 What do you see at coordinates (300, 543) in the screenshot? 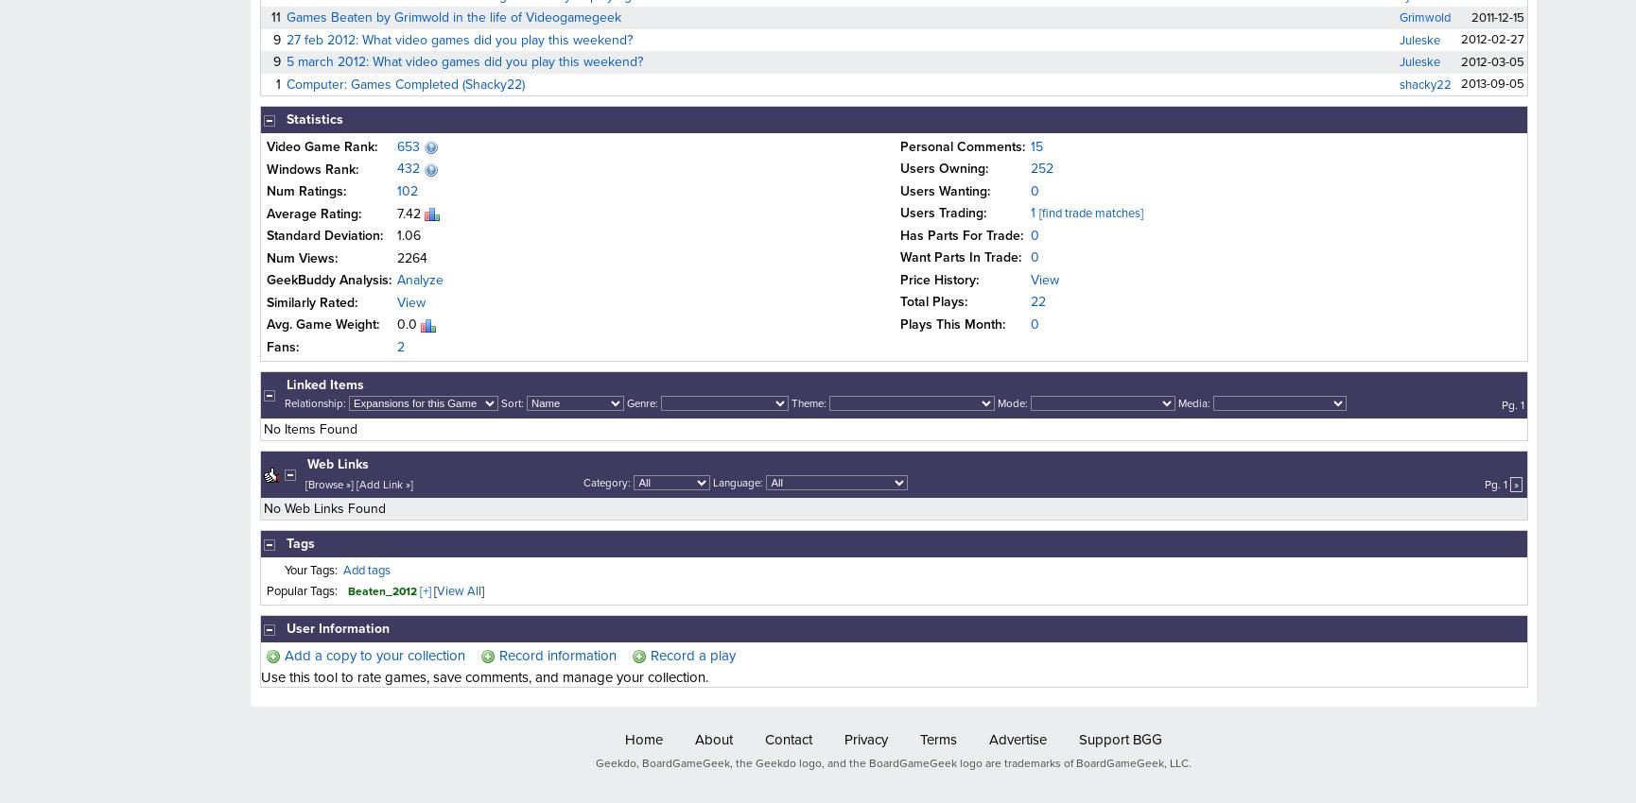
I see `'Tags'` at bounding box center [300, 543].